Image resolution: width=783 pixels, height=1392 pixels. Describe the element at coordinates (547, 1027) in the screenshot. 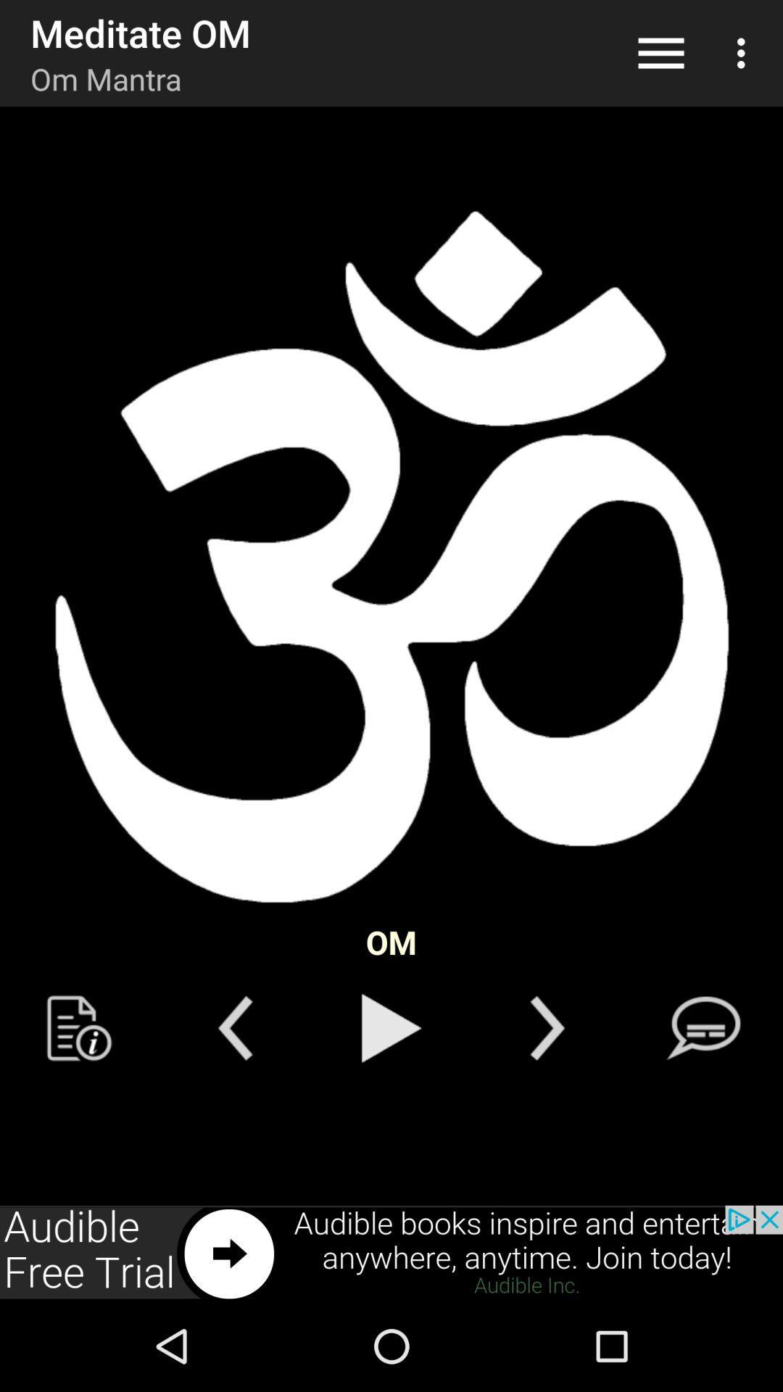

I see `the arrow_forward icon` at that location.